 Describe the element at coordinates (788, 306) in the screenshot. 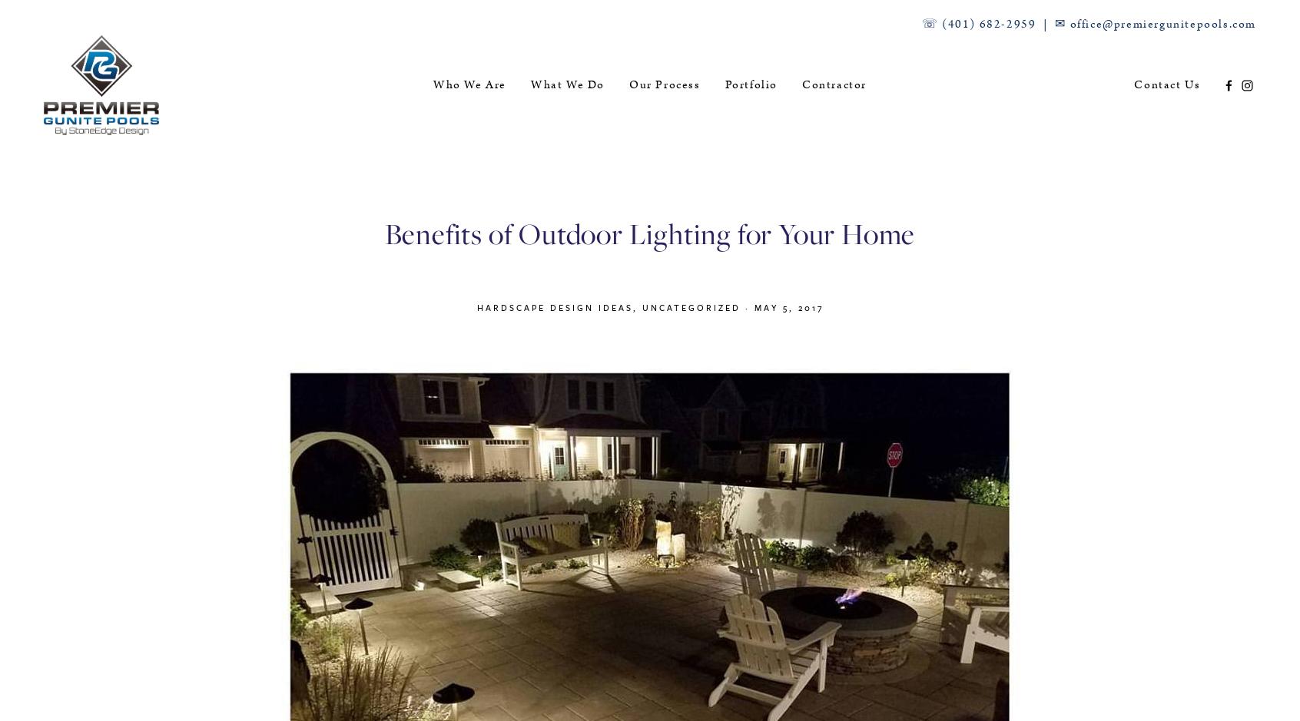

I see `'May 5, 2017'` at that location.